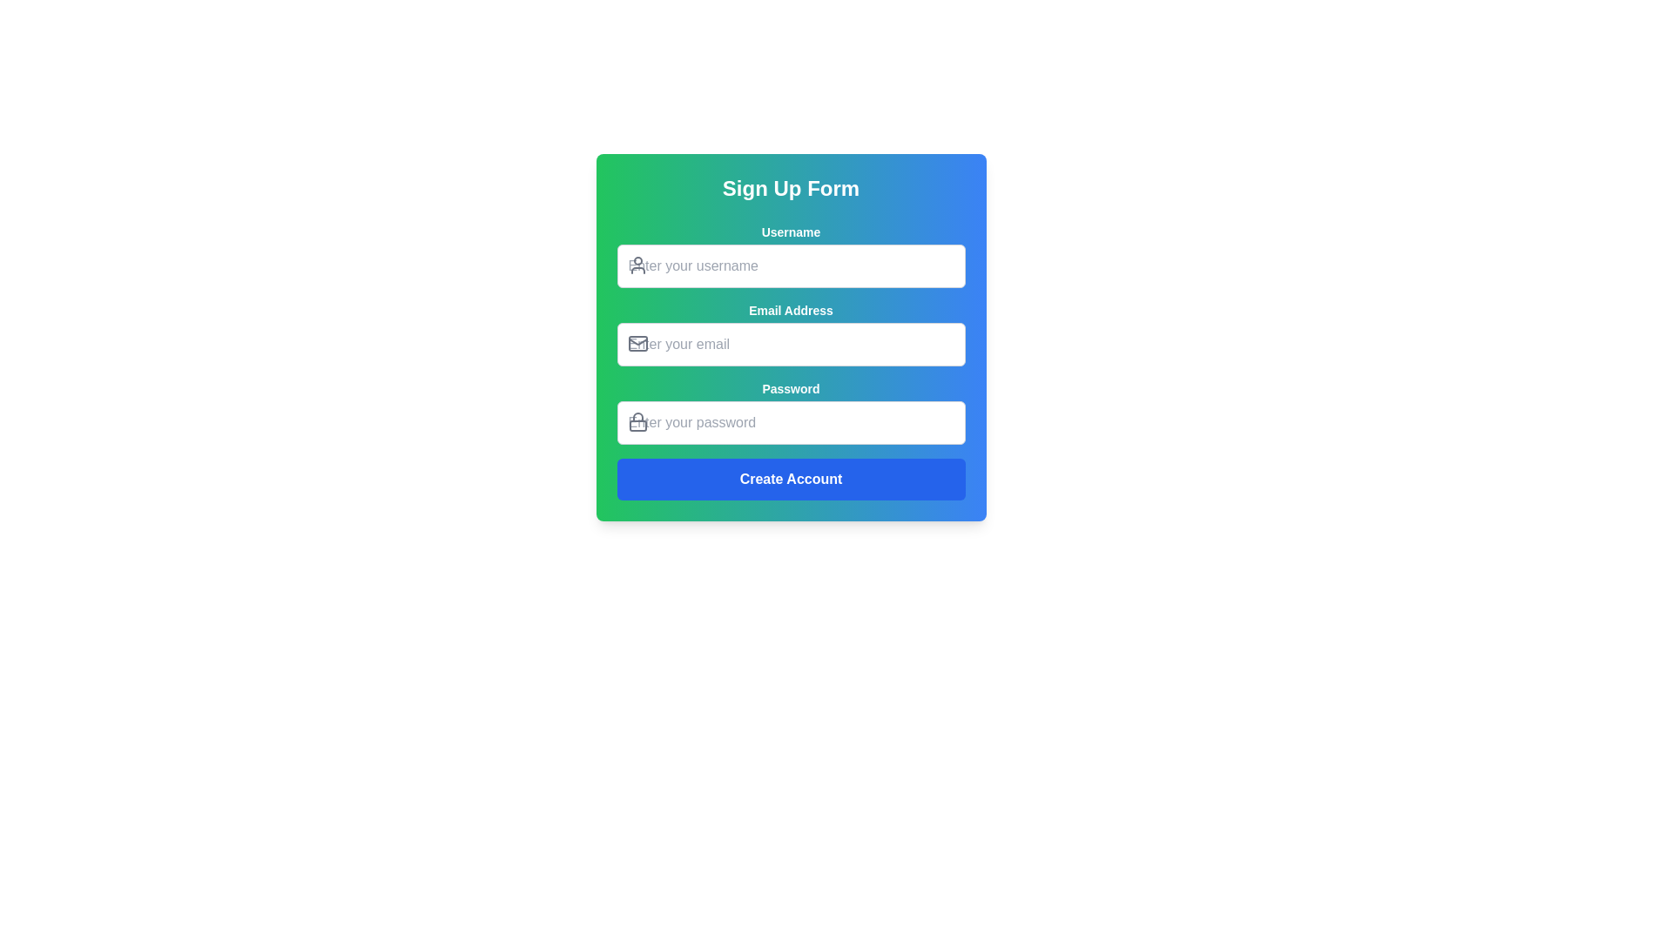 The height and width of the screenshot is (940, 1672). What do you see at coordinates (790, 388) in the screenshot?
I see `the password entry field label, which is located above the password input box in the third field group of the form` at bounding box center [790, 388].